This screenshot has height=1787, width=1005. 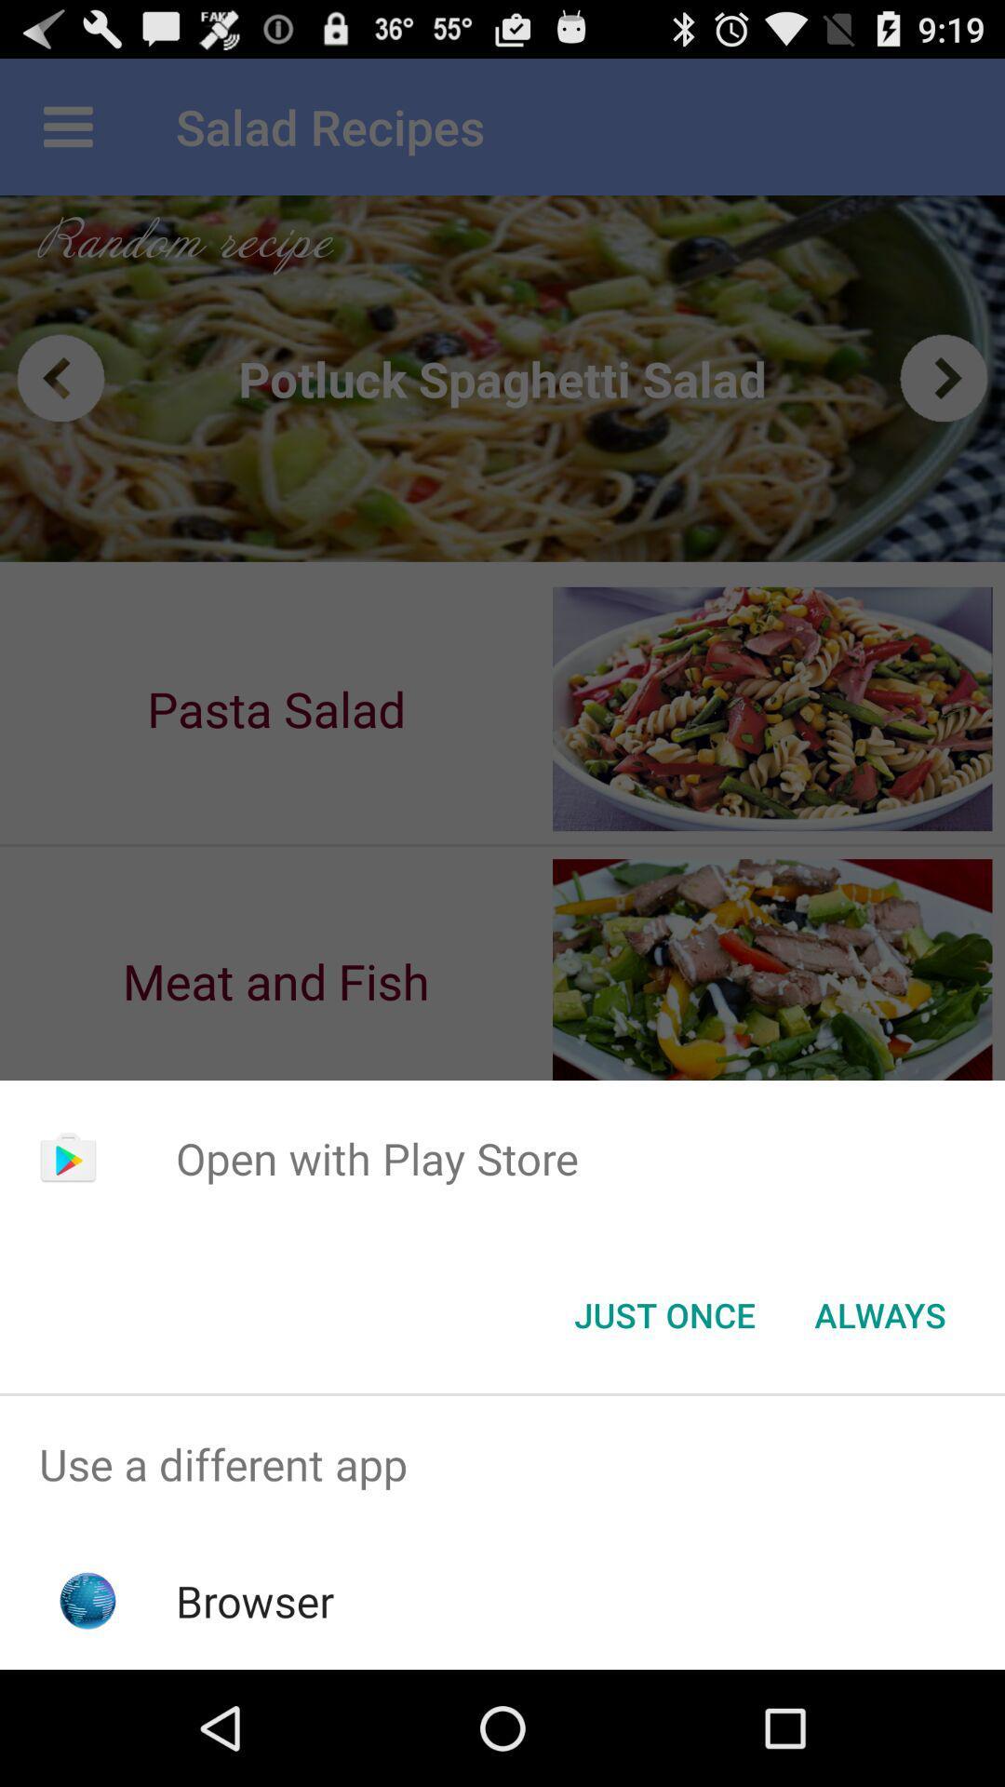 I want to click on the always item, so click(x=879, y=1313).